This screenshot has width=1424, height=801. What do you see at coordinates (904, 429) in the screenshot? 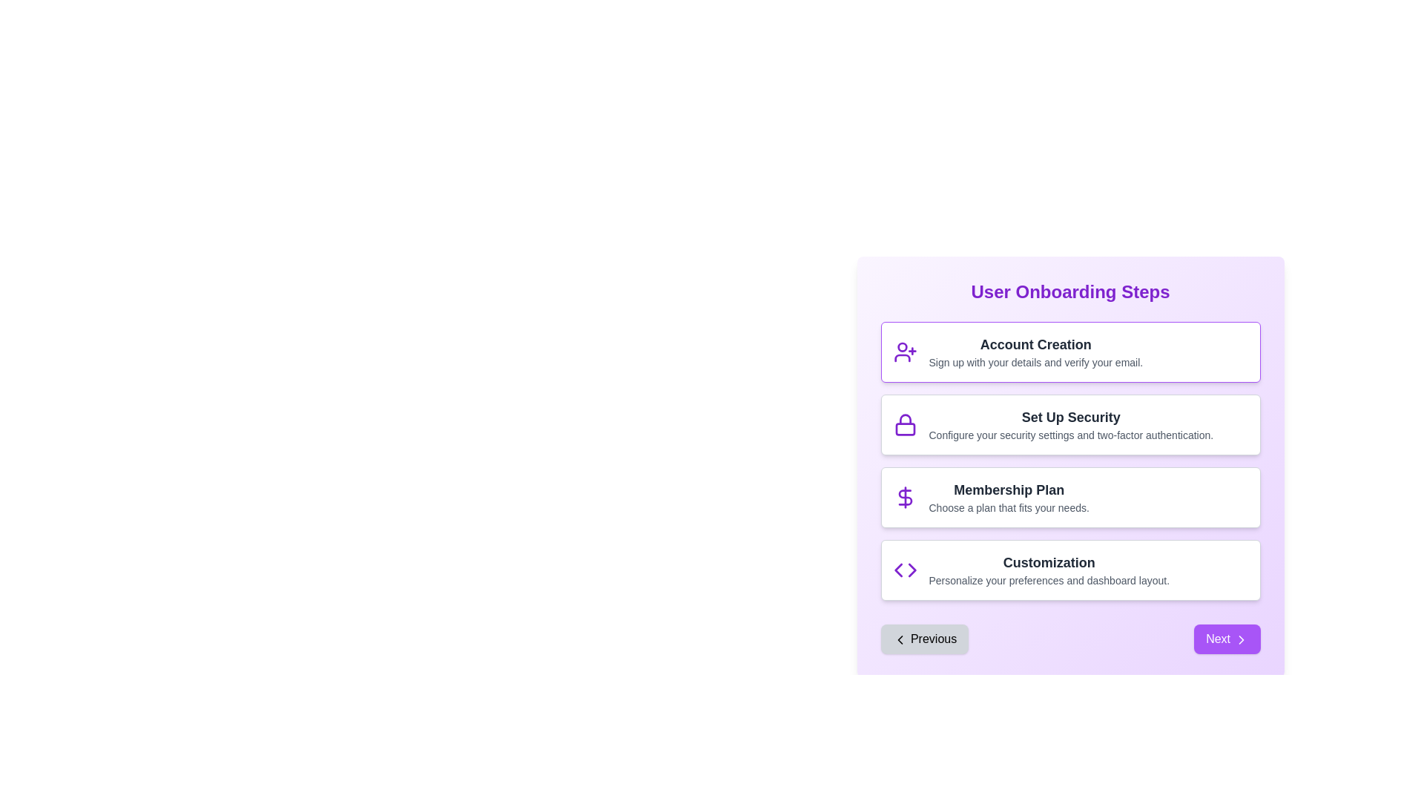
I see `the central part of the lock icon, which symbolizes security and is located in the 'Set Up Security' group of the user onboarding steps` at bounding box center [904, 429].